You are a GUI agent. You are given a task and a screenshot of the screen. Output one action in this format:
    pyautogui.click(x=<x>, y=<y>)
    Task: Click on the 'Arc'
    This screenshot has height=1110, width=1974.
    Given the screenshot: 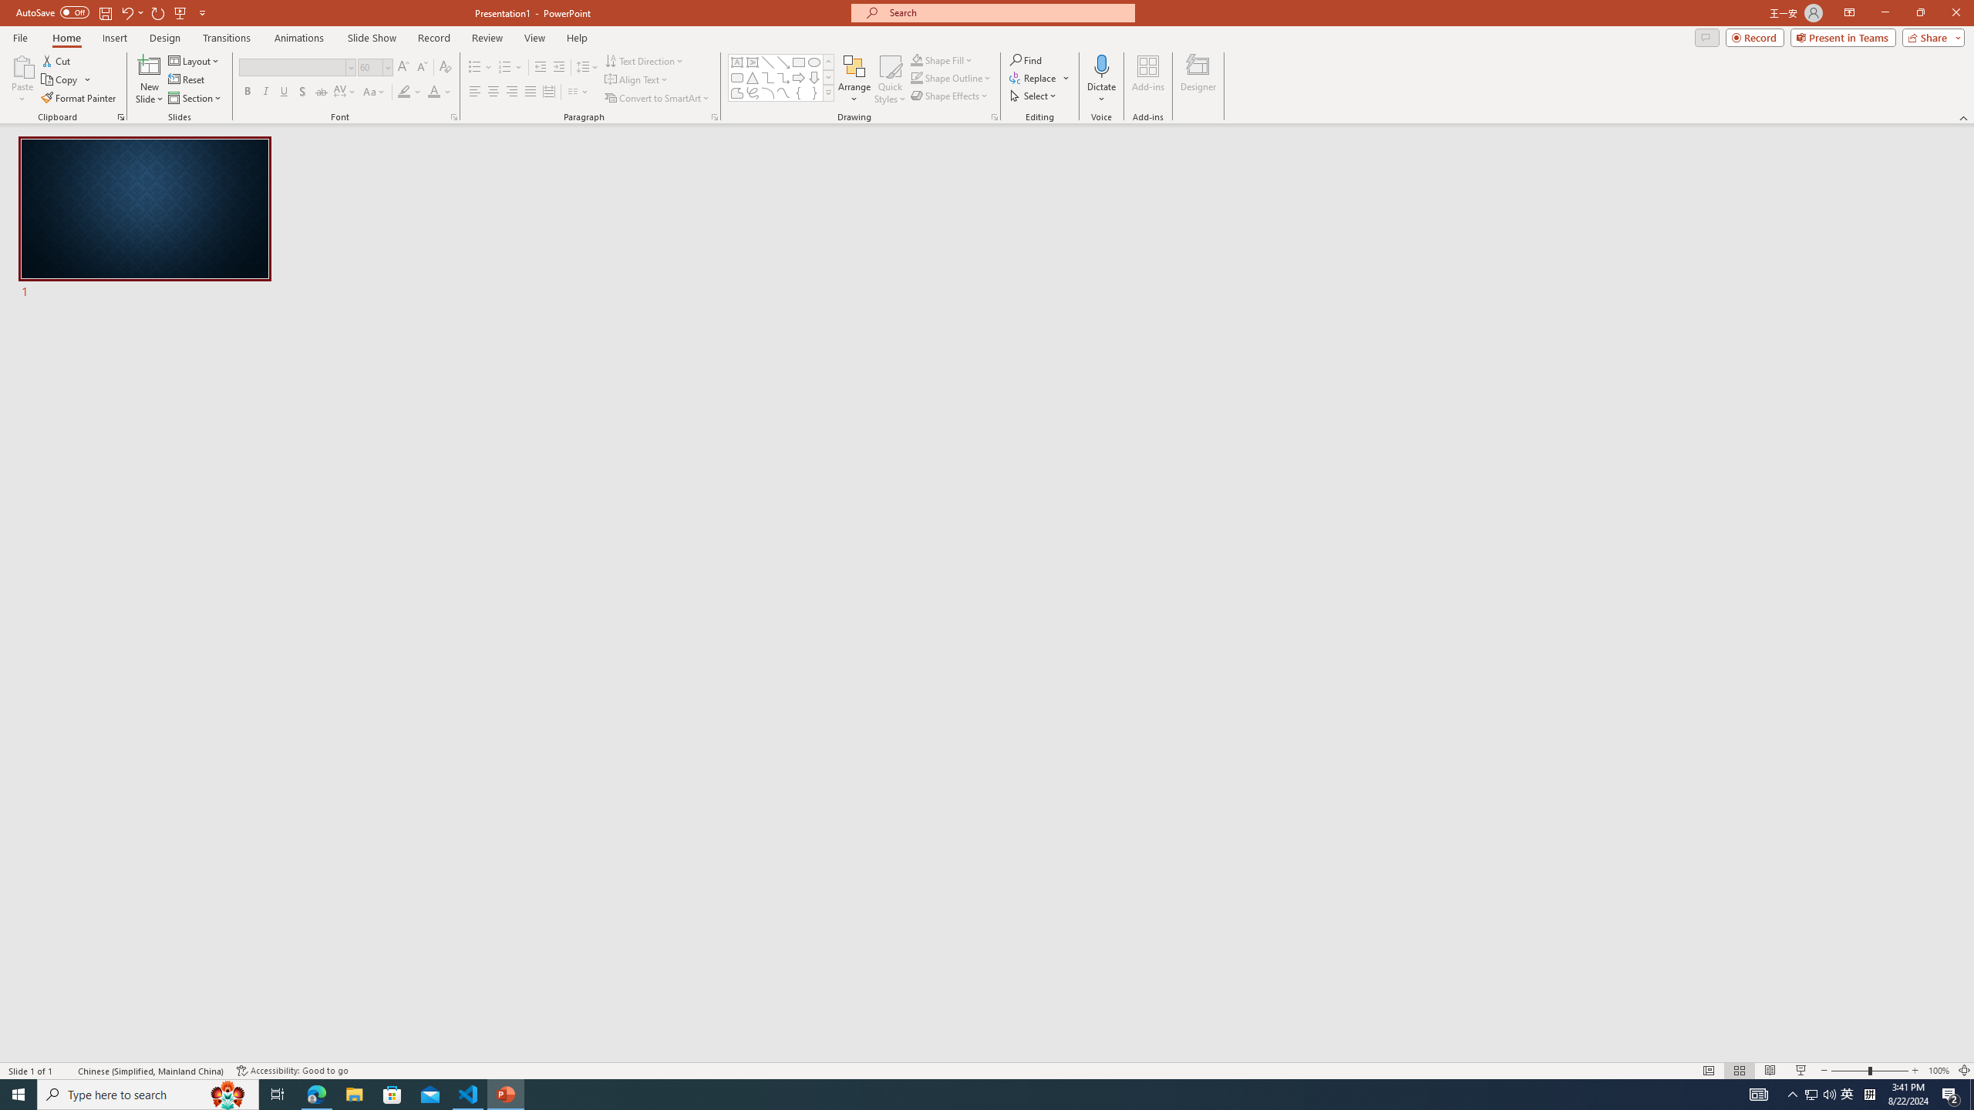 What is the action you would take?
    pyautogui.click(x=766, y=92)
    